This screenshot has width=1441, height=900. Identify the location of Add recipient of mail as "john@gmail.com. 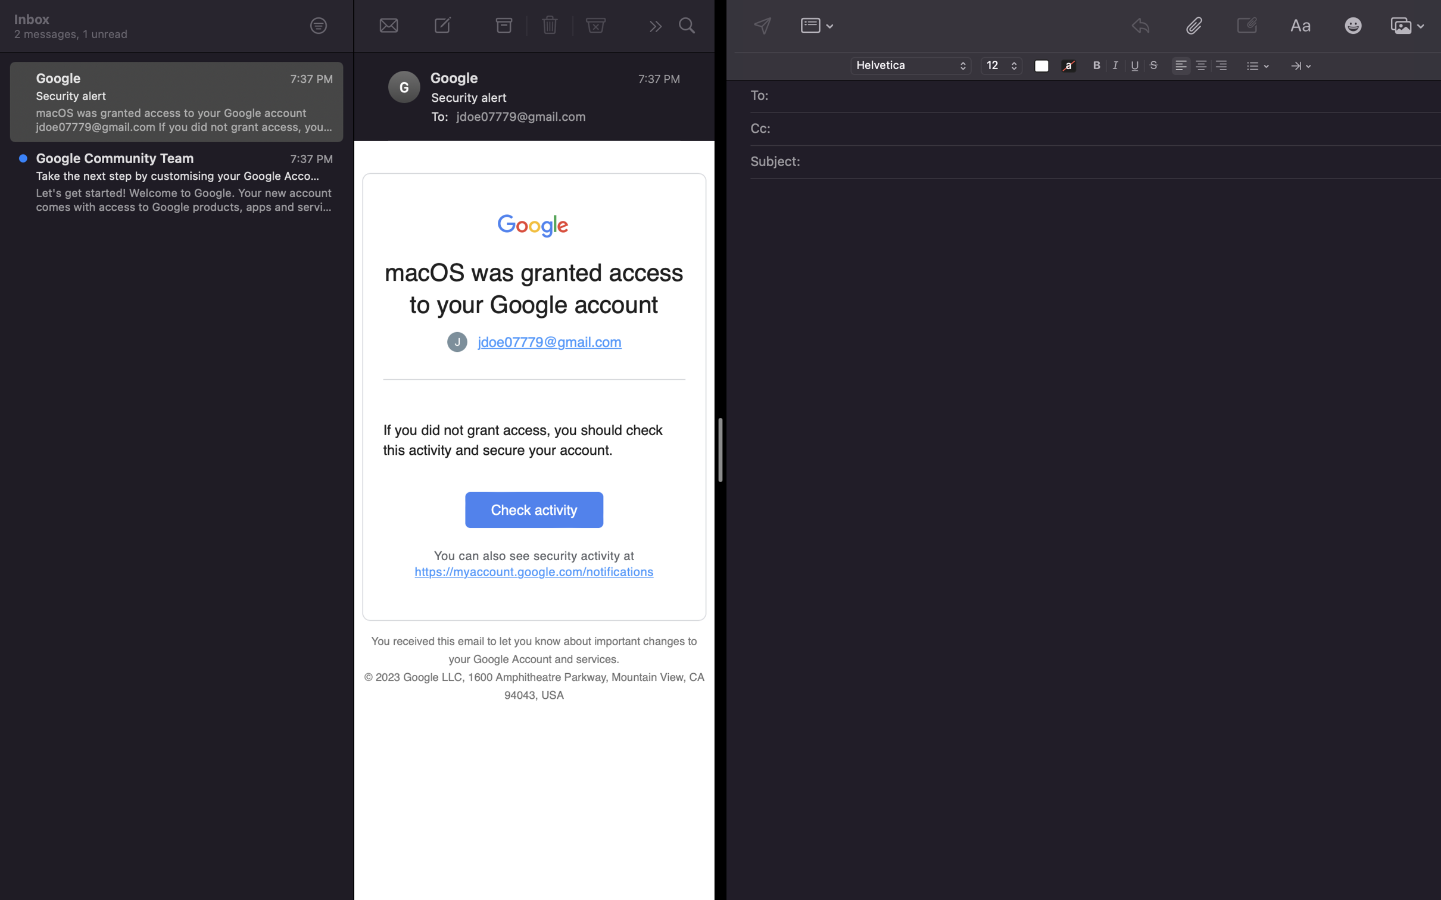
(1104, 96).